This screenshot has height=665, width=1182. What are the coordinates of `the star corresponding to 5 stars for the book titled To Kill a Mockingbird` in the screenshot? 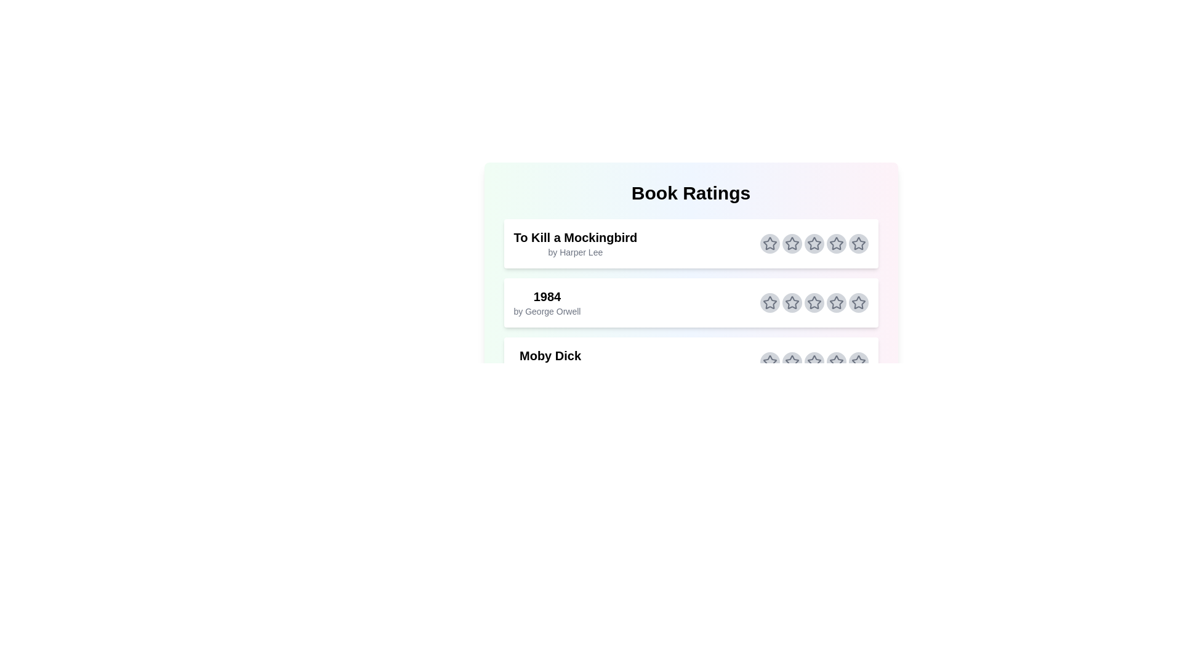 It's located at (858, 244).